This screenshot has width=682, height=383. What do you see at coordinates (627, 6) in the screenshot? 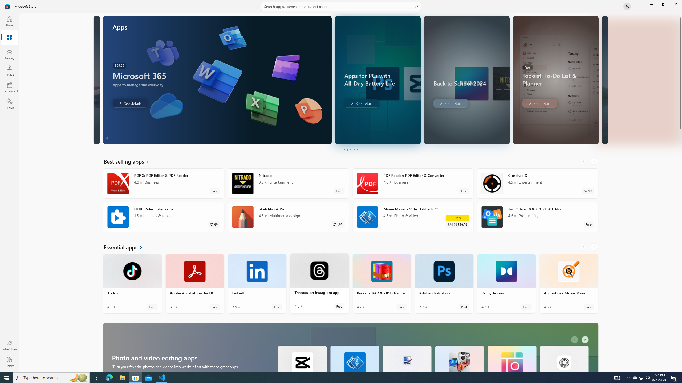
I see `'User profile'` at bounding box center [627, 6].